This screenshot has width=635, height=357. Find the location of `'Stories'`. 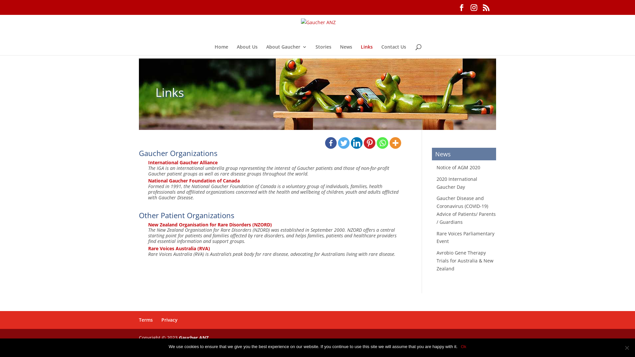

'Stories' is located at coordinates (323, 49).